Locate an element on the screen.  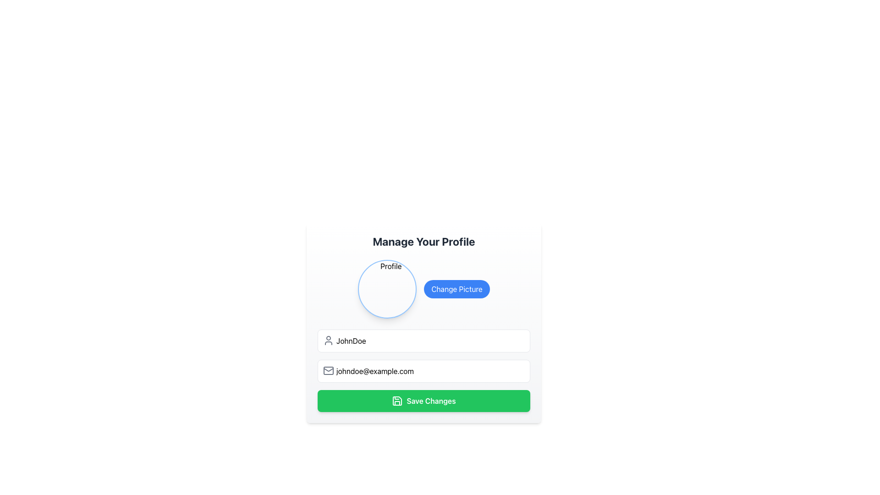
the button that allows the user to change their profile picture, located beneath the 'Manage Your Profile' title and near the circular profile image is located at coordinates (423, 289).